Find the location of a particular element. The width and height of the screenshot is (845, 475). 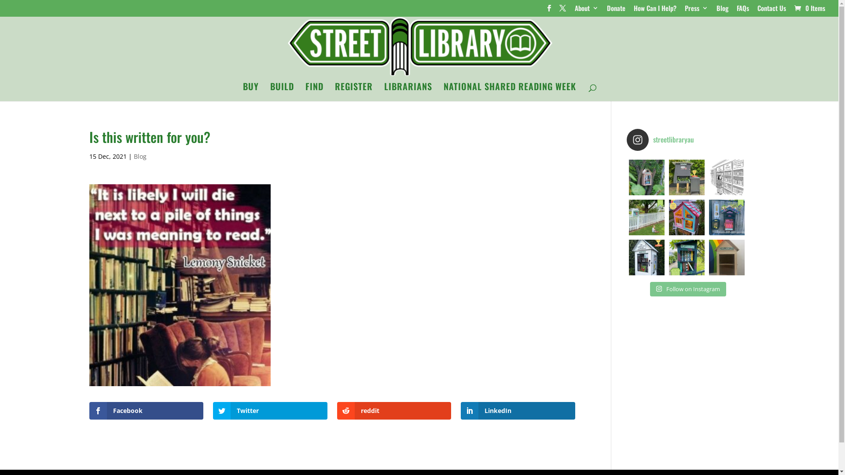

'FAQs' is located at coordinates (742, 10).